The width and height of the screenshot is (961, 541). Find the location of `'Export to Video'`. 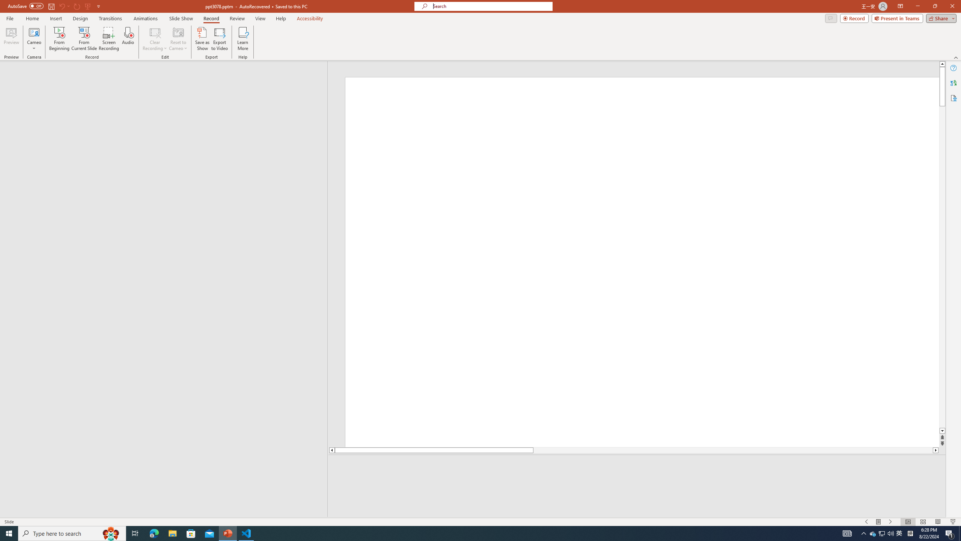

'Export to Video' is located at coordinates (219, 39).